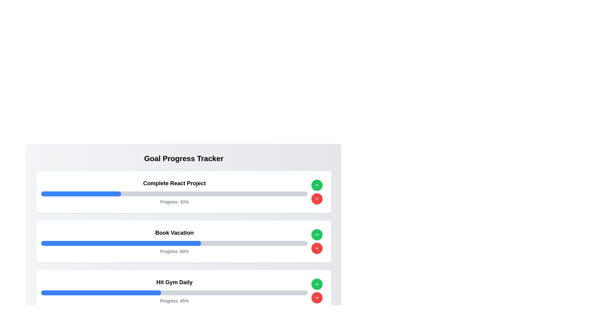 This screenshot has height=334, width=595. I want to click on the small circular green button with a chevron-up icon, so click(317, 235).